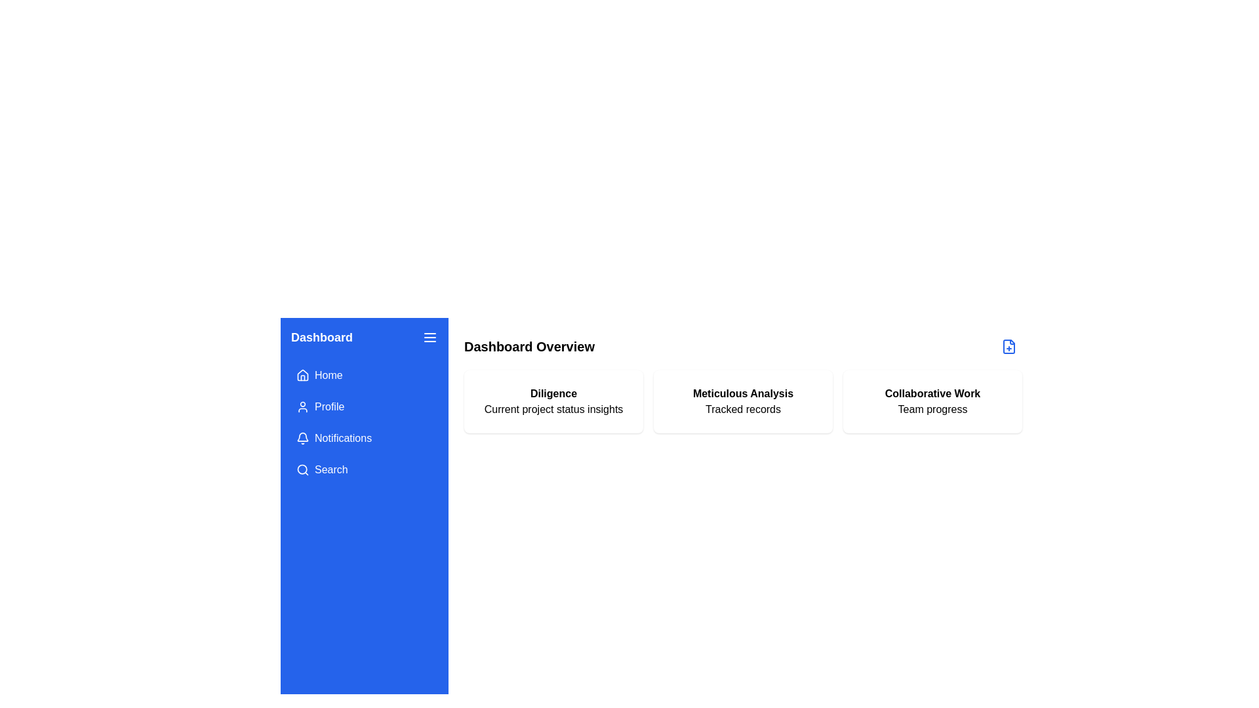 This screenshot has width=1259, height=708. I want to click on the small magnifying glass icon associated with the search functionality located in the sidebar menu, so click(302, 469).